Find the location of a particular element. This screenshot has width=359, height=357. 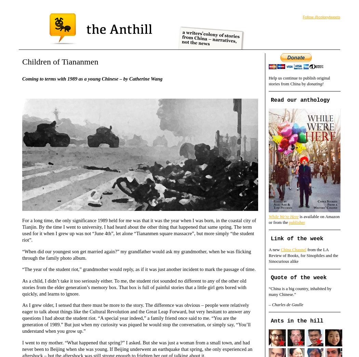

'Coming to terms with 1989 as a young Chinese – by Catherine Wang' is located at coordinates (92, 78).